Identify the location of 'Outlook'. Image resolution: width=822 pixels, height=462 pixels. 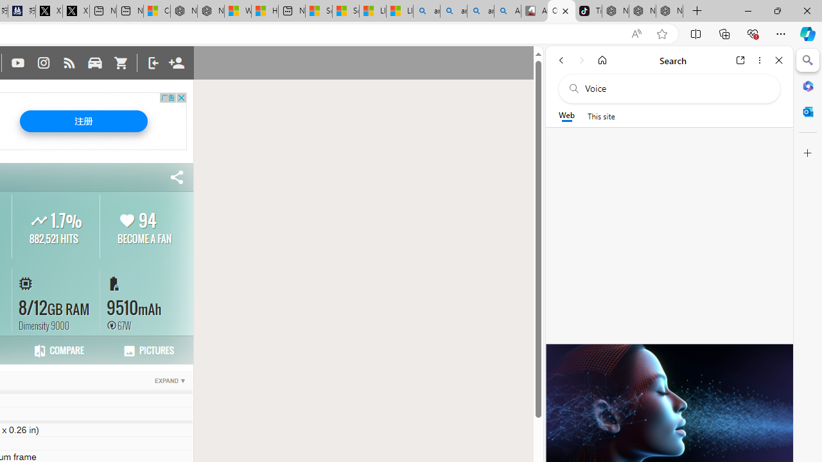
(807, 111).